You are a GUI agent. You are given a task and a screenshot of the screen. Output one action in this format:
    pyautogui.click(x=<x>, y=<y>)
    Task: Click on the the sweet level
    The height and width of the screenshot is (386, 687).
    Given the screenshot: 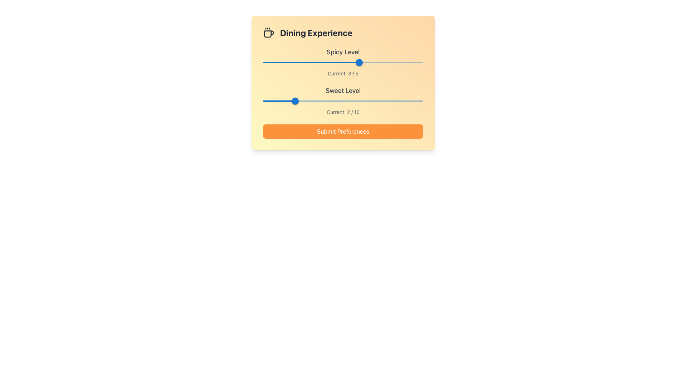 What is the action you would take?
    pyautogui.click(x=262, y=101)
    